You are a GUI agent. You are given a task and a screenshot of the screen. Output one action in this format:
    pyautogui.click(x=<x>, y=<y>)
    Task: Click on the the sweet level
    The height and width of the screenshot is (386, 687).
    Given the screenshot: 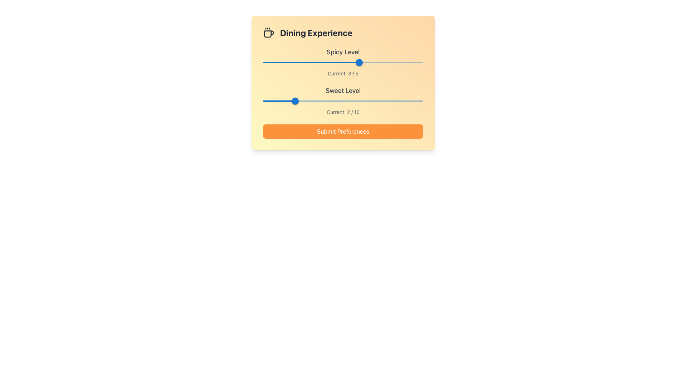 What is the action you would take?
    pyautogui.click(x=262, y=101)
    